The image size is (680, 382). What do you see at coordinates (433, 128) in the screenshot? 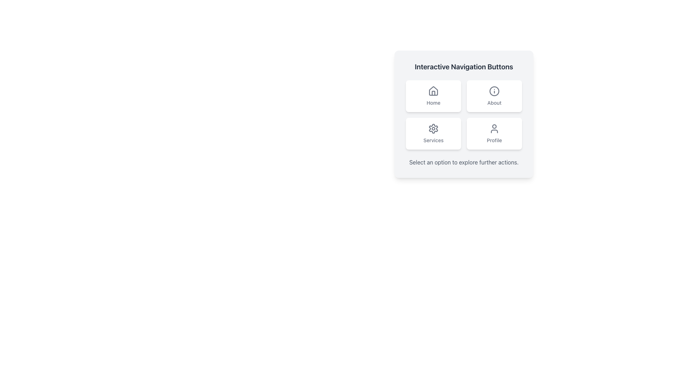
I see `the gear-shaped icon representing settings within the 'Services' button located in the lower-left corner of the interactive navigation area` at bounding box center [433, 128].